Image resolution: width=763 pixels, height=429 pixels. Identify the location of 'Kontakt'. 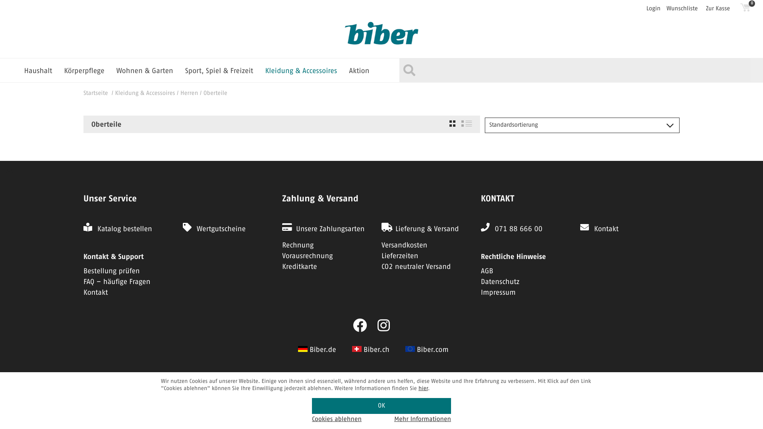
(606, 229).